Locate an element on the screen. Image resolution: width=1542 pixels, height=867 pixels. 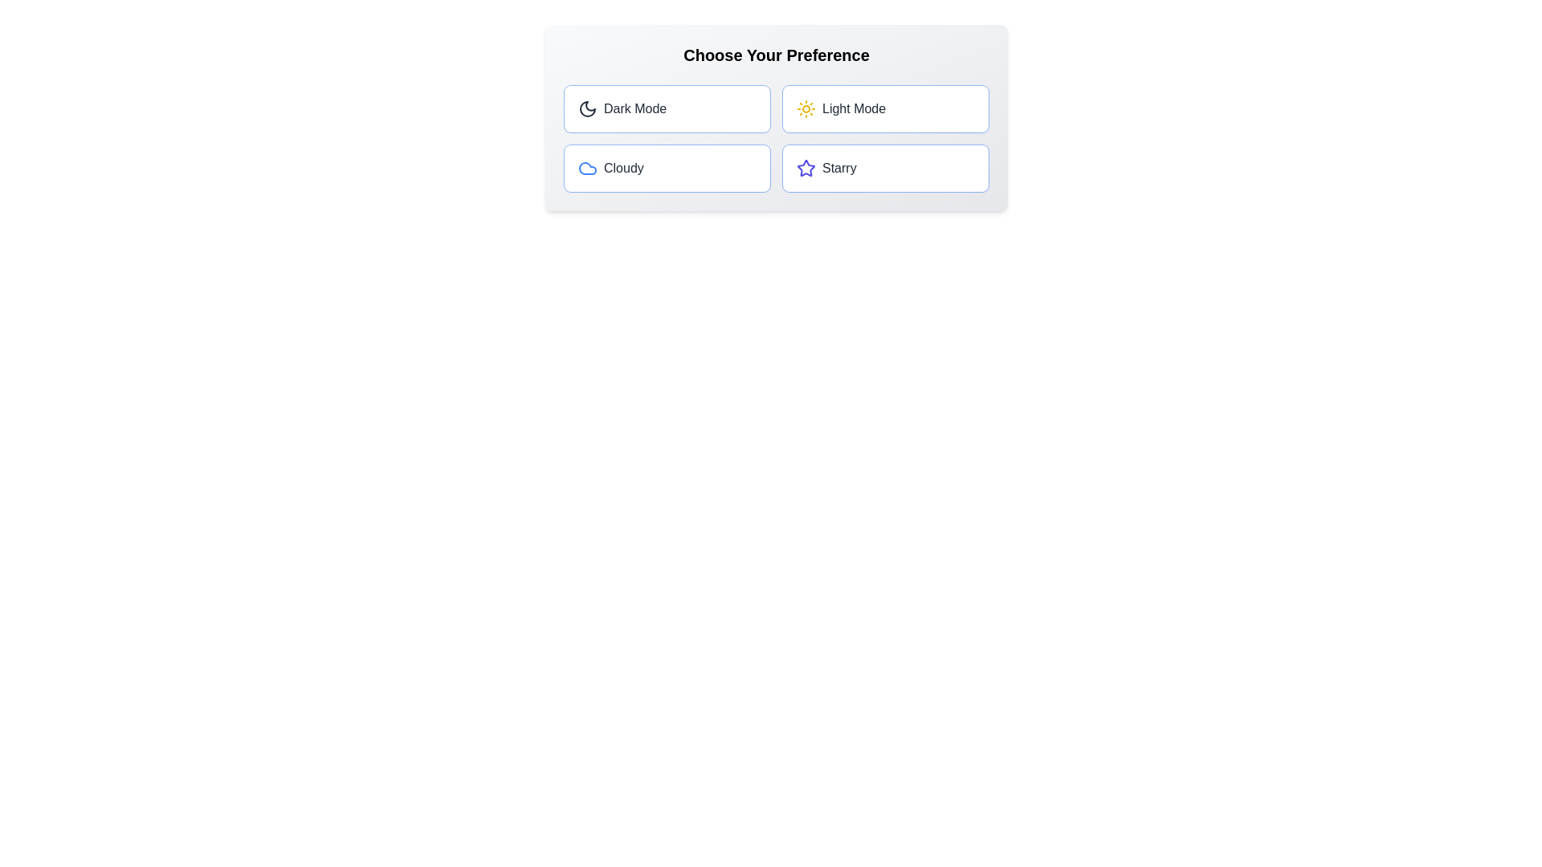
the 'Cloudy' text label located in the second row, to the right of the cloud icon, which describes the 'Cloudy' option is located at coordinates (622, 168).